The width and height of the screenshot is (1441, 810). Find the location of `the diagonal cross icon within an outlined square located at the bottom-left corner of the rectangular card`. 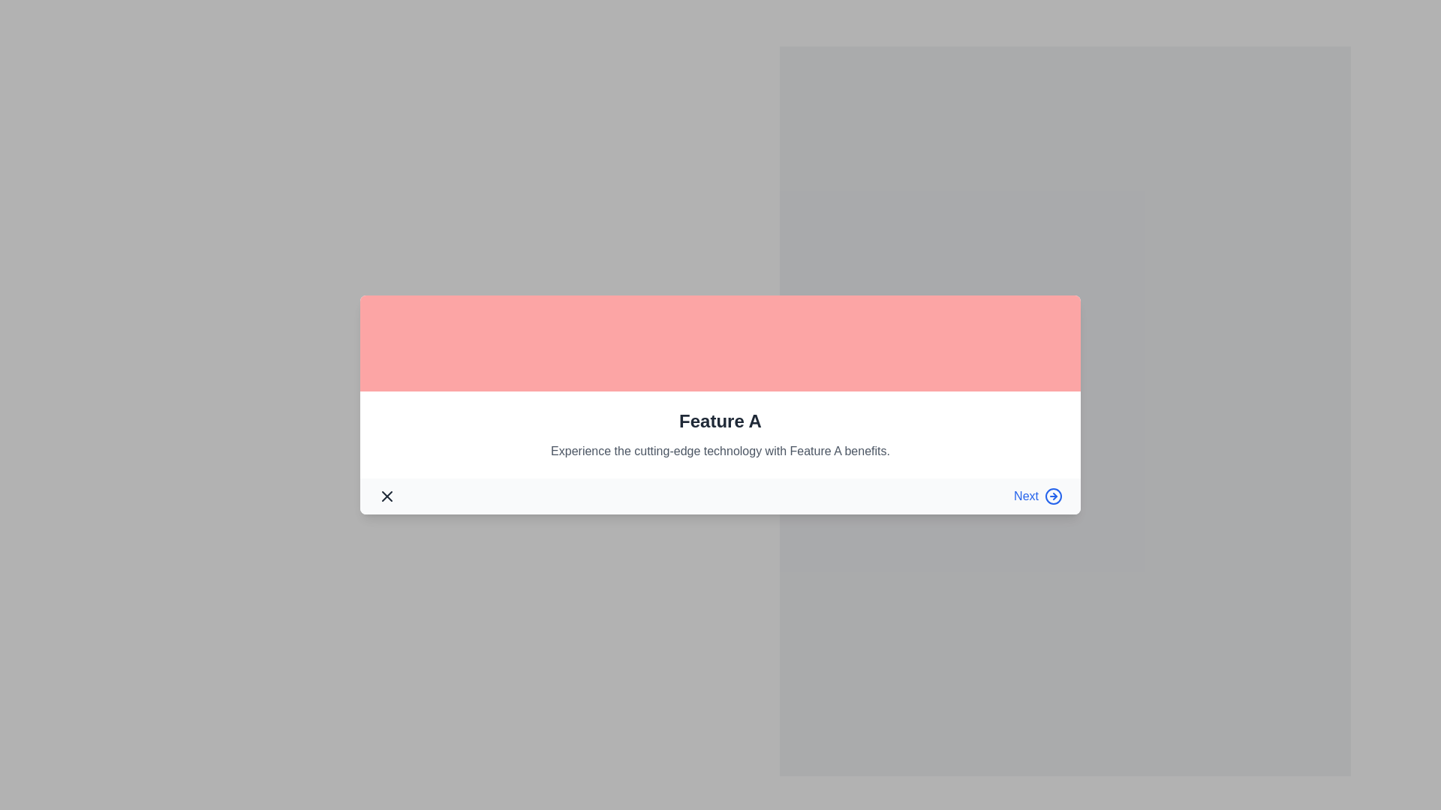

the diagonal cross icon within an outlined square located at the bottom-left corner of the rectangular card is located at coordinates (387, 496).